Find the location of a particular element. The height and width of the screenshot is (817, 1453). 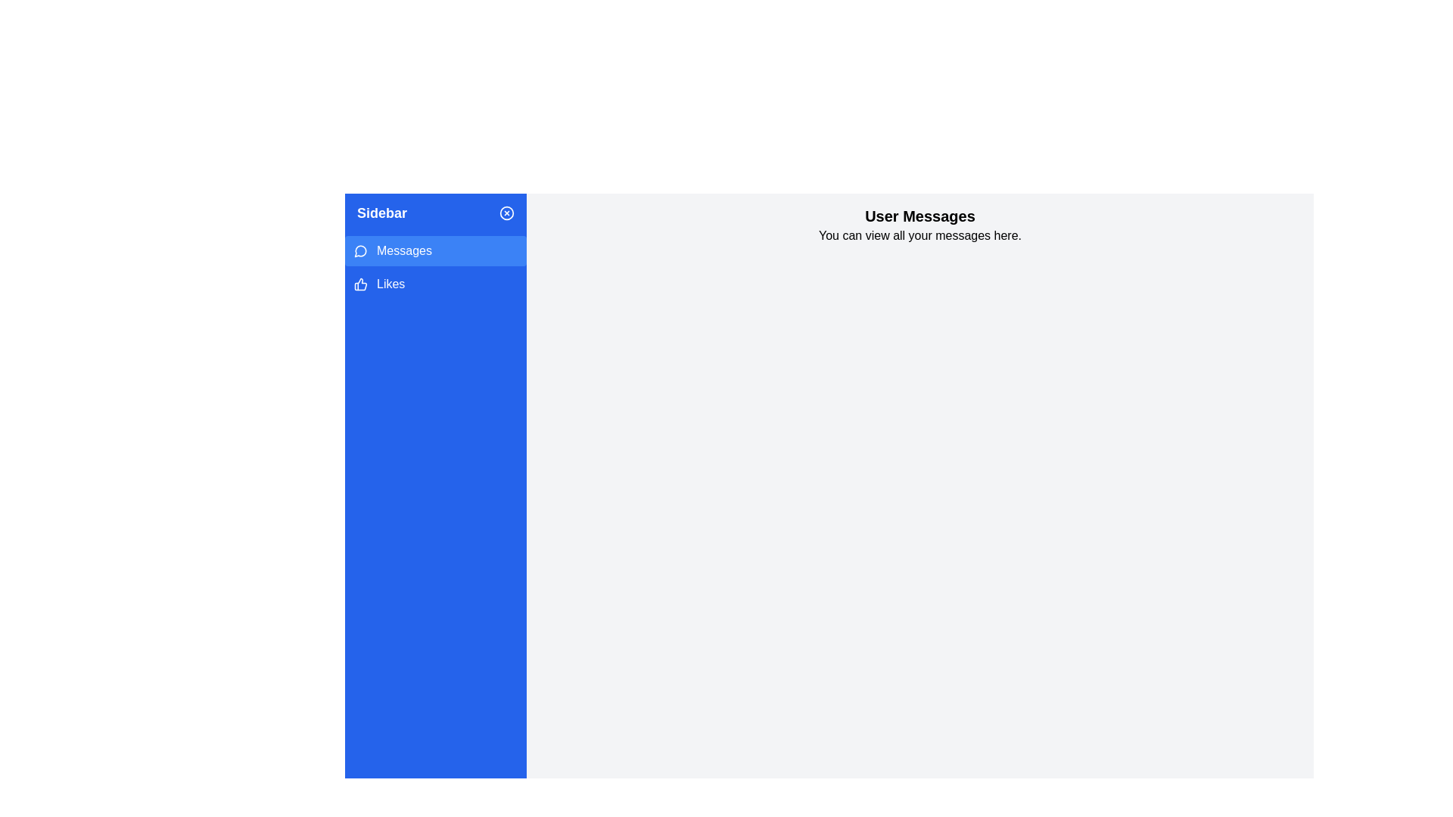

static text label displaying 'You can view all your messages here.' located below the heading 'User Messages' is located at coordinates (919, 236).